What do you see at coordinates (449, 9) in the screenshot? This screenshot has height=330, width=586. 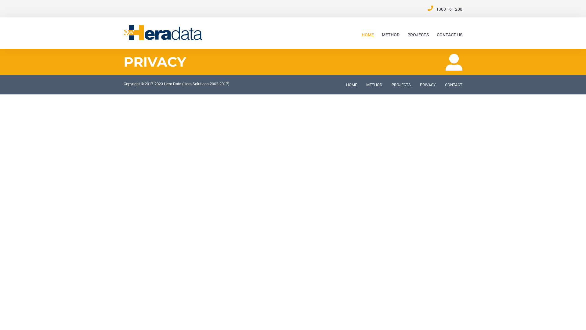 I see `'1300 161 208'` at bounding box center [449, 9].